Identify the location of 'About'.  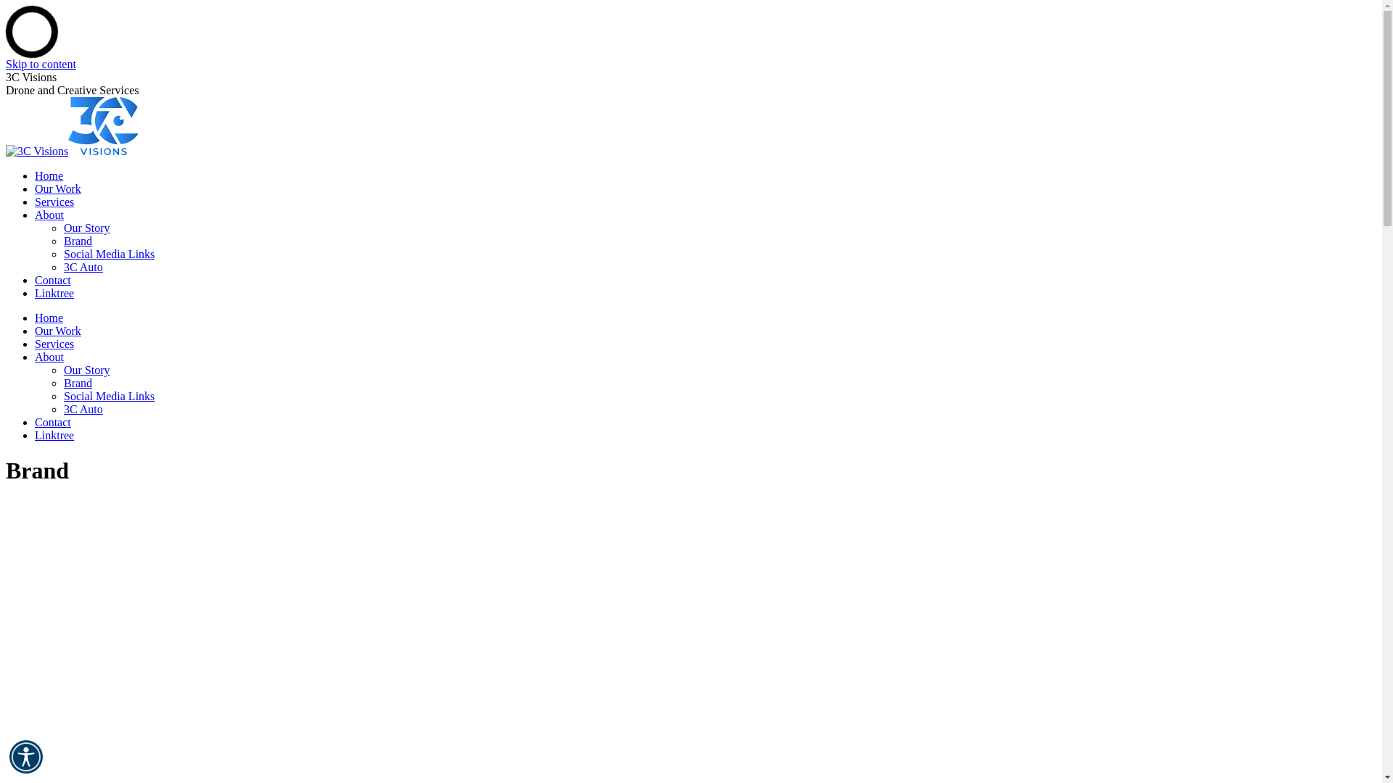
(49, 215).